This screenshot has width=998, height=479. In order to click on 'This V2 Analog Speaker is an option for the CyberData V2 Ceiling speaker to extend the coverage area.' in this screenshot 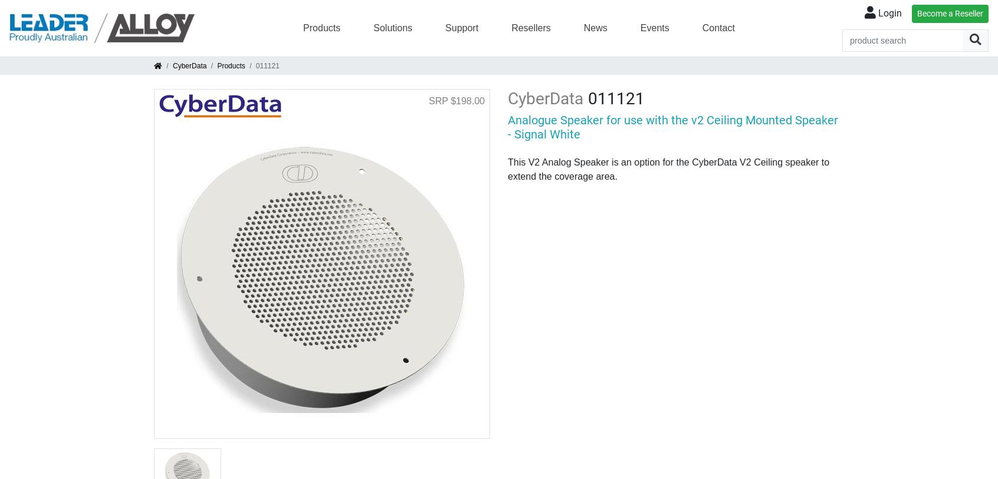, I will do `click(668, 169)`.